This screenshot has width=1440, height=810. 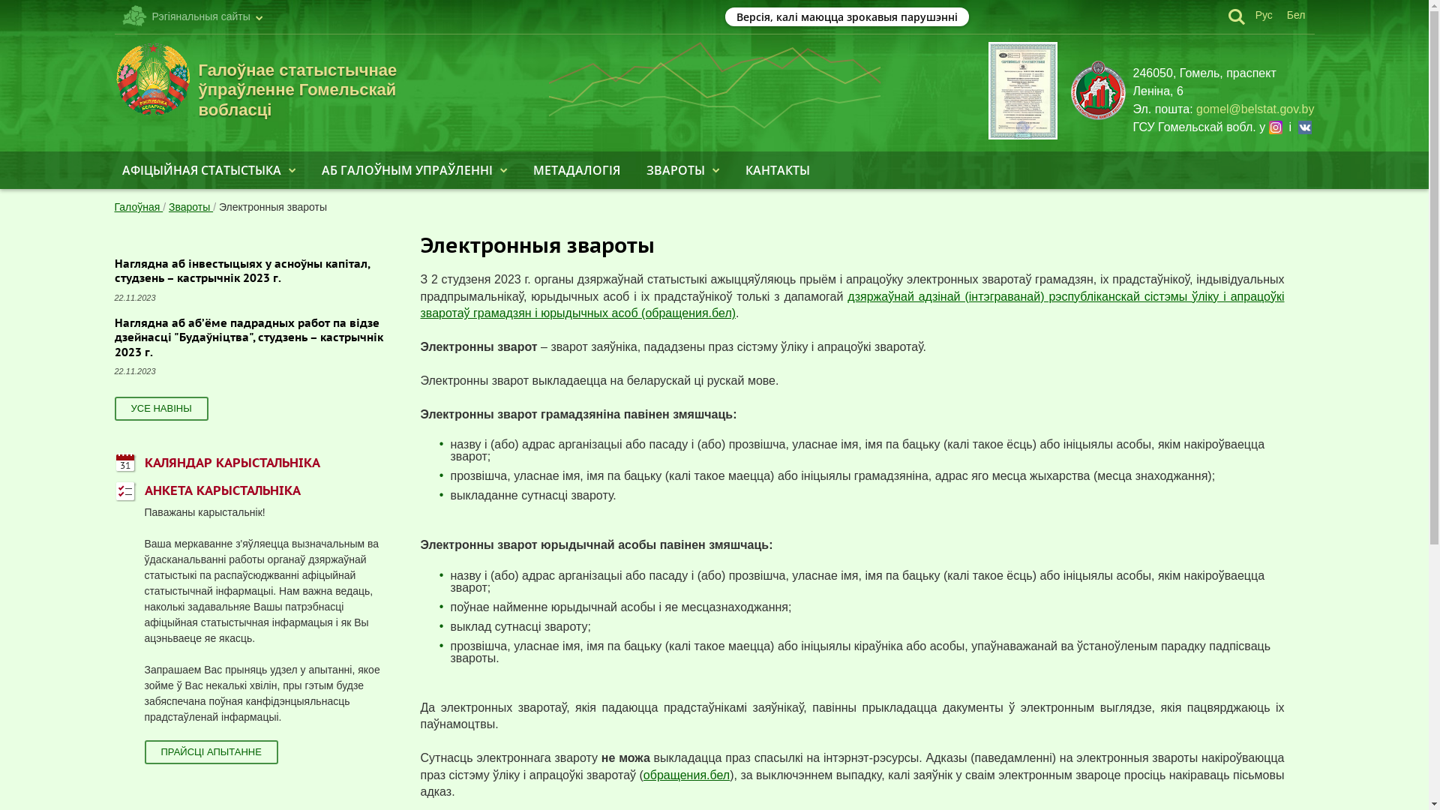 I want to click on 'gomel@belstat.gov.by', so click(x=1255, y=109).